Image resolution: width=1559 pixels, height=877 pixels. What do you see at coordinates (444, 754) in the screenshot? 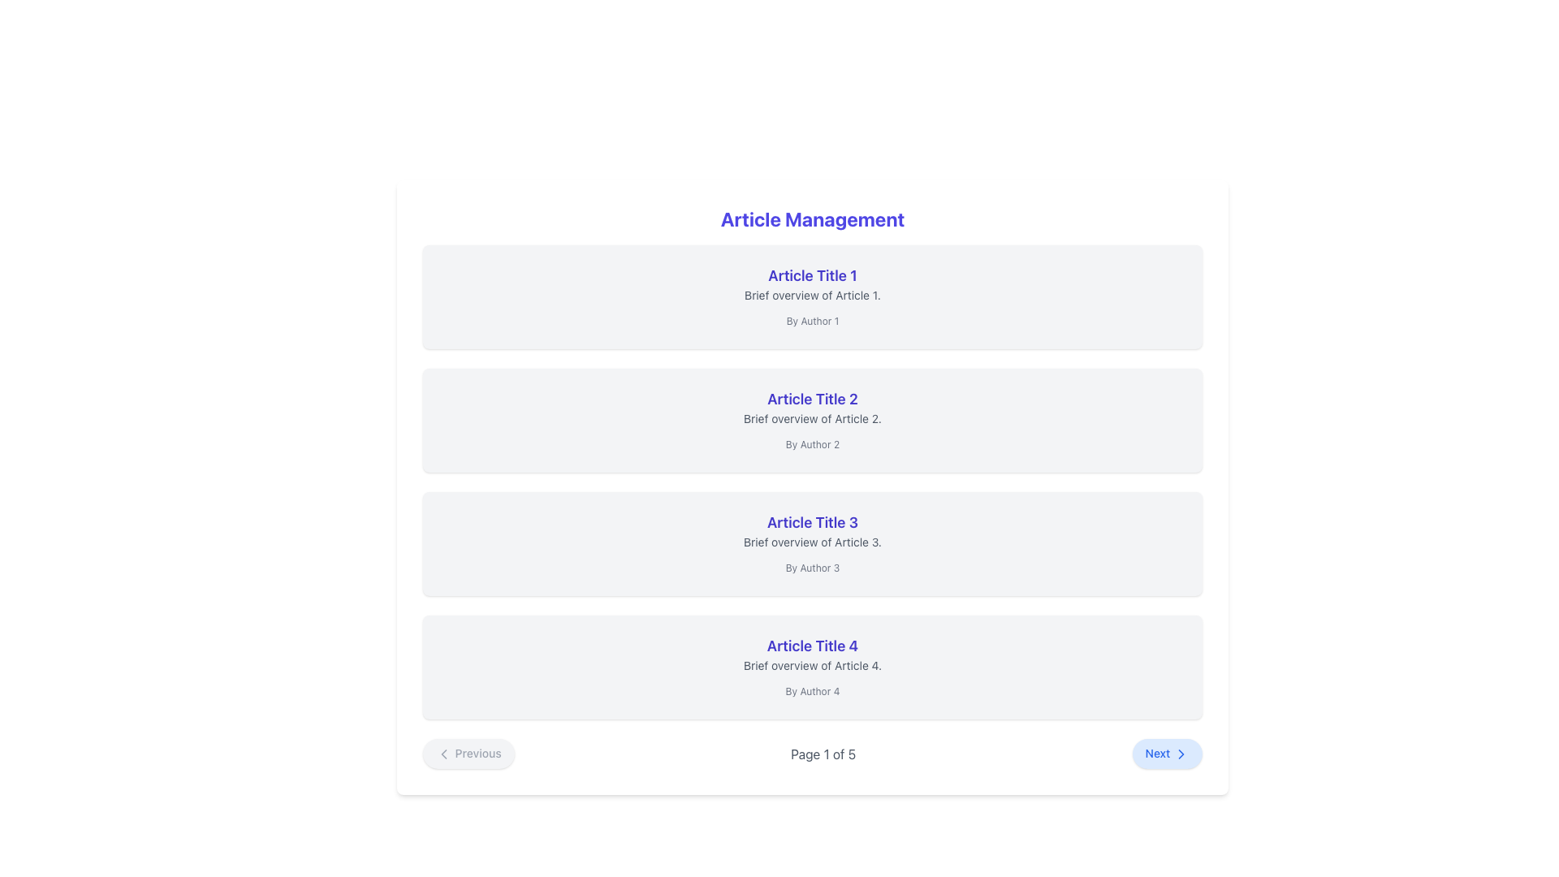
I see `the left-pointing chevron icon inside the 'Previous' button` at bounding box center [444, 754].